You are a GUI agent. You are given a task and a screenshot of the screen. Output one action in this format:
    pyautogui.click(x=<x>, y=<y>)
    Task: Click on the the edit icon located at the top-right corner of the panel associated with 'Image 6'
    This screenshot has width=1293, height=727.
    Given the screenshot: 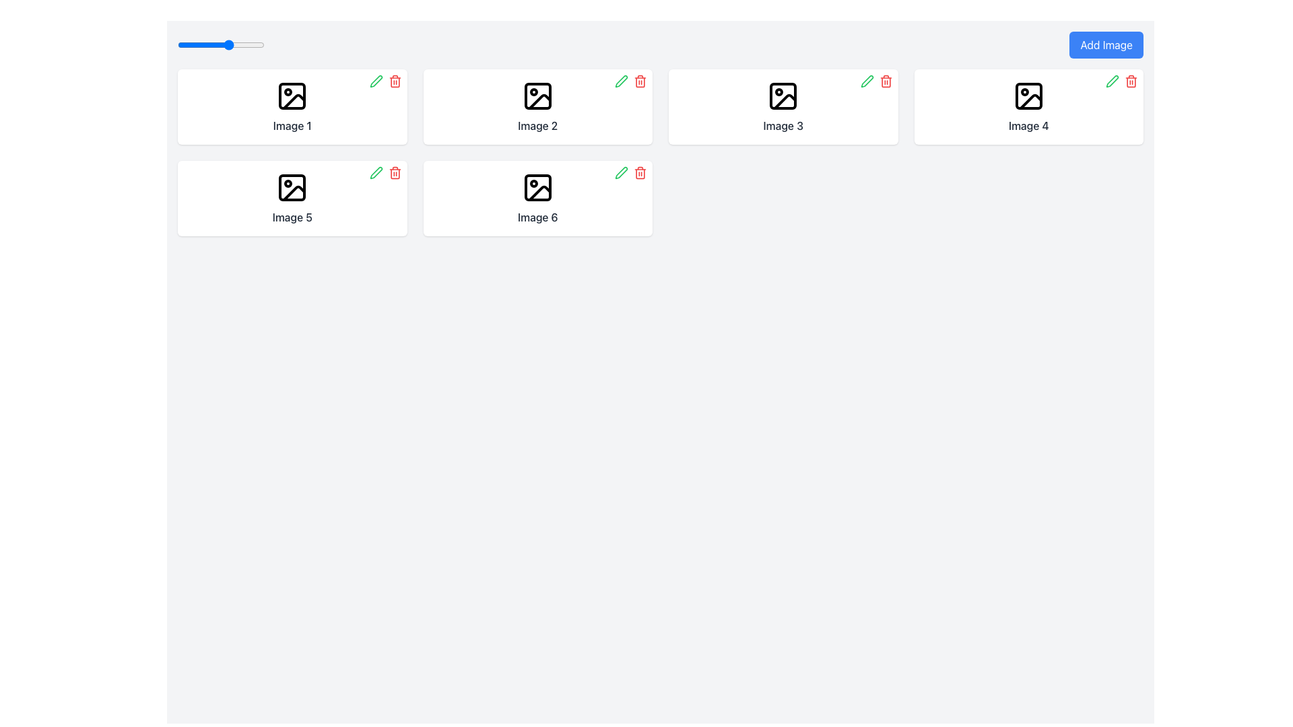 What is the action you would take?
    pyautogui.click(x=620, y=172)
    